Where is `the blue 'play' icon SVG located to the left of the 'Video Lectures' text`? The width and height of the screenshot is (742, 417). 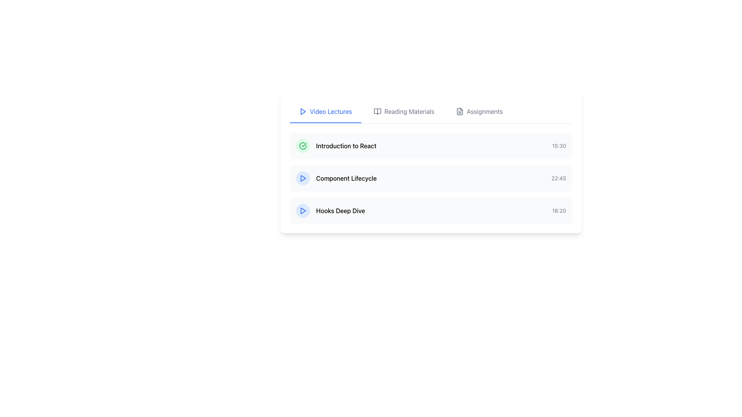 the blue 'play' icon SVG located to the left of the 'Video Lectures' text is located at coordinates (302, 112).